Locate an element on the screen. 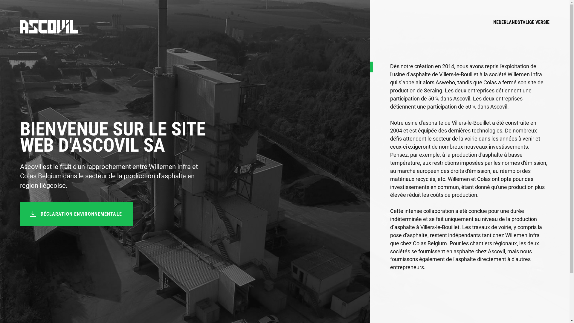 Image resolution: width=574 pixels, height=323 pixels. 'NEDERLANDSTALIGE VERSIE' is located at coordinates (521, 26).